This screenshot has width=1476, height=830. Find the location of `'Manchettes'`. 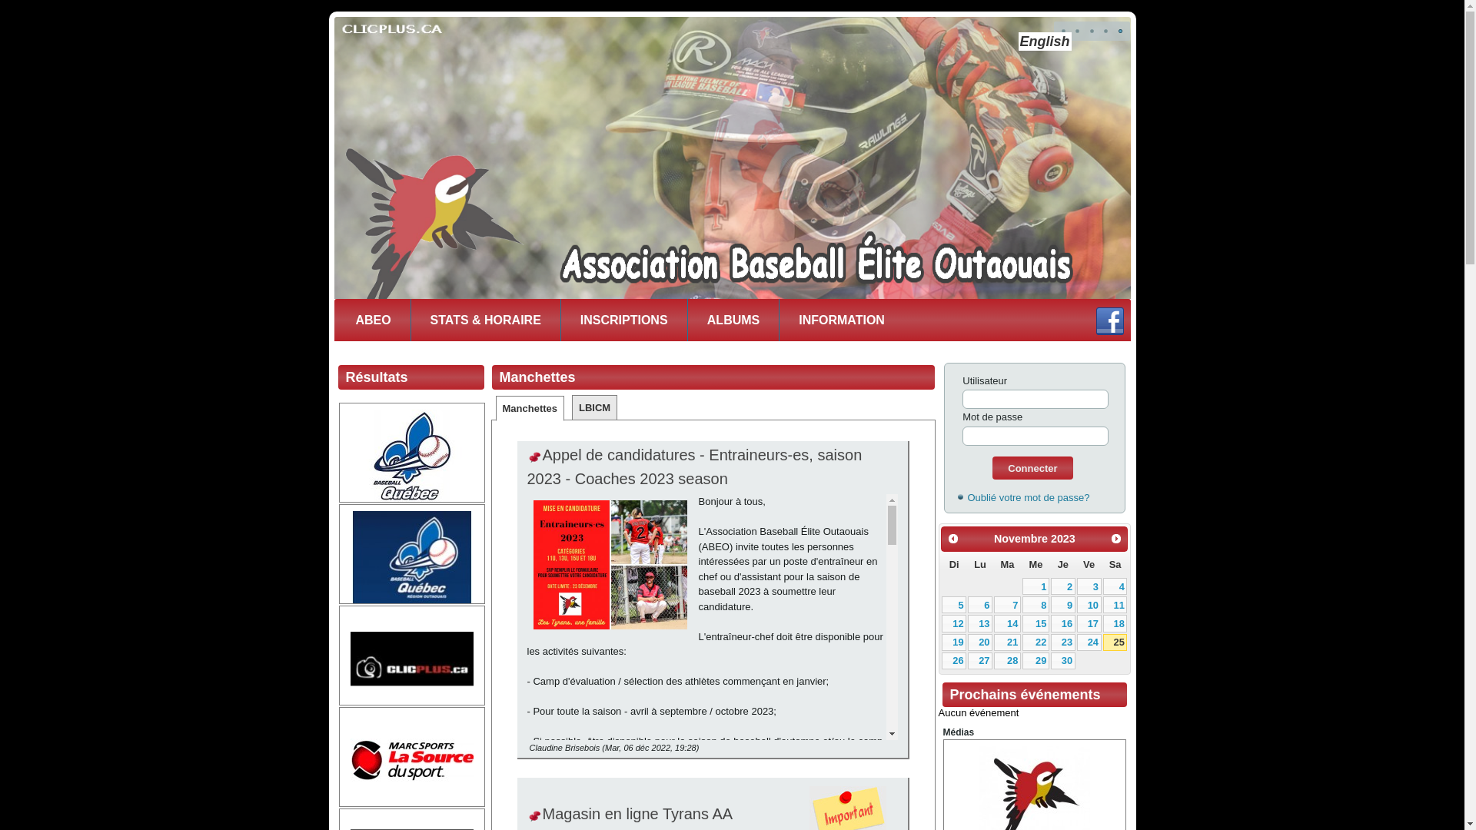

'Manchettes' is located at coordinates (530, 407).